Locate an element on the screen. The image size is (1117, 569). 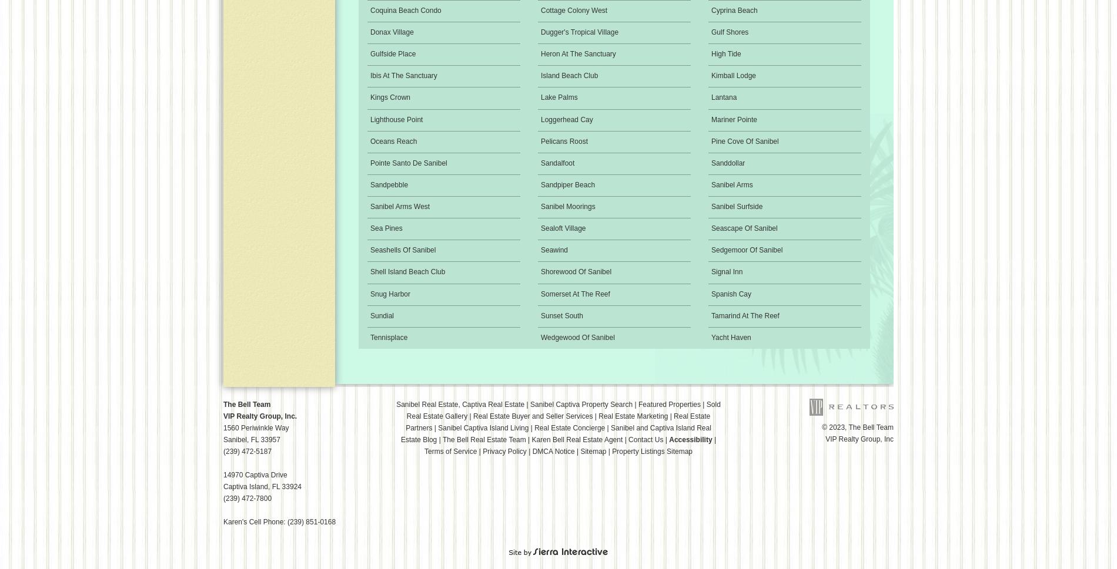
'Sealoft Village' is located at coordinates (563, 228).